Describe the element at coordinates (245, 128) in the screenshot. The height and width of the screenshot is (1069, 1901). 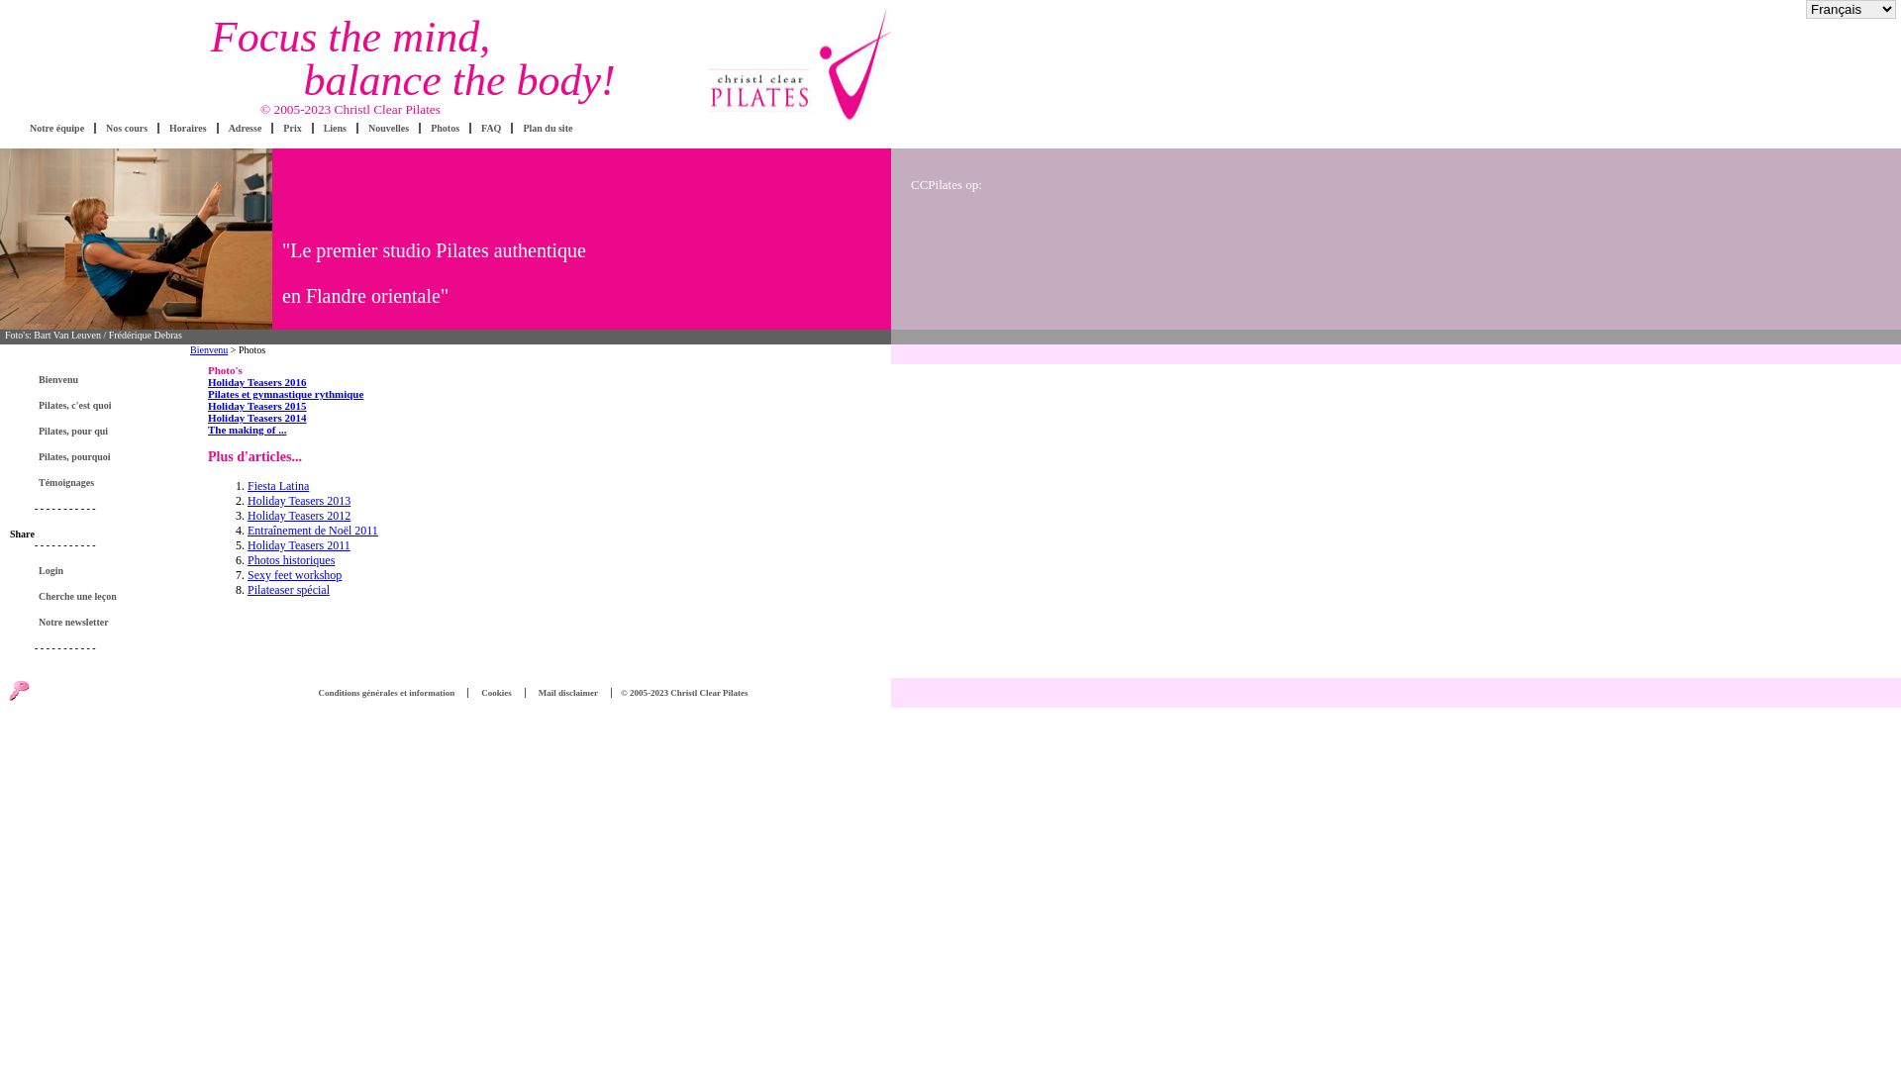
I see `'Adresse'` at that location.